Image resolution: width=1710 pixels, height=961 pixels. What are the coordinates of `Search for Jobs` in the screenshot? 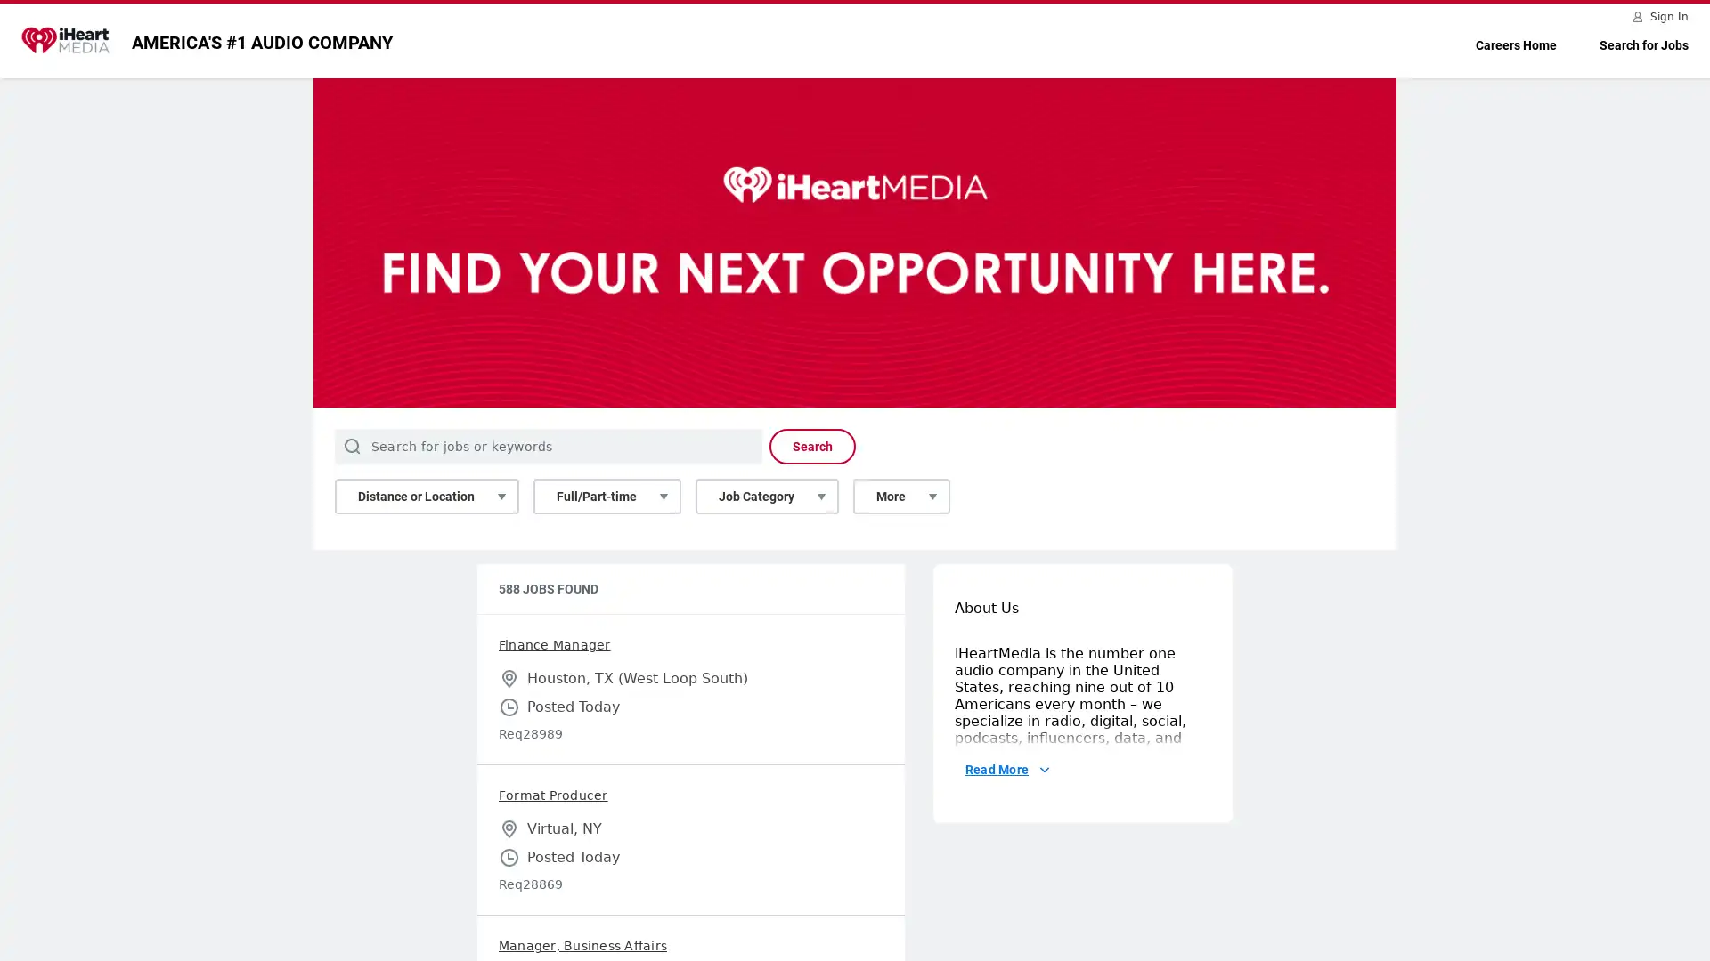 It's located at (1643, 44).